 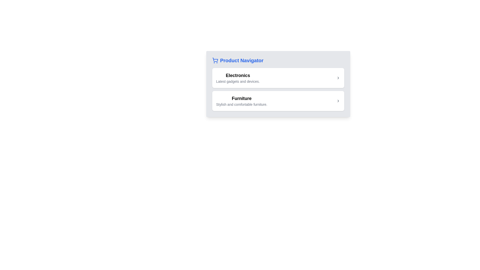 I want to click on the 'Furniture' text label located in the second card of the vertically stacked list under the 'Product Navigator' section, below the 'Electronics' card, so click(x=241, y=101).